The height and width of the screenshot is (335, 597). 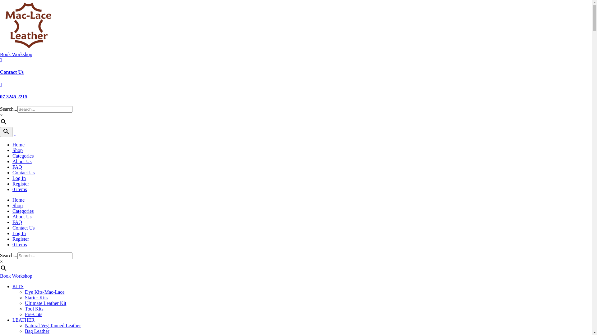 What do you see at coordinates (25, 292) in the screenshot?
I see `'Dye Kits-Mac-Lace'` at bounding box center [25, 292].